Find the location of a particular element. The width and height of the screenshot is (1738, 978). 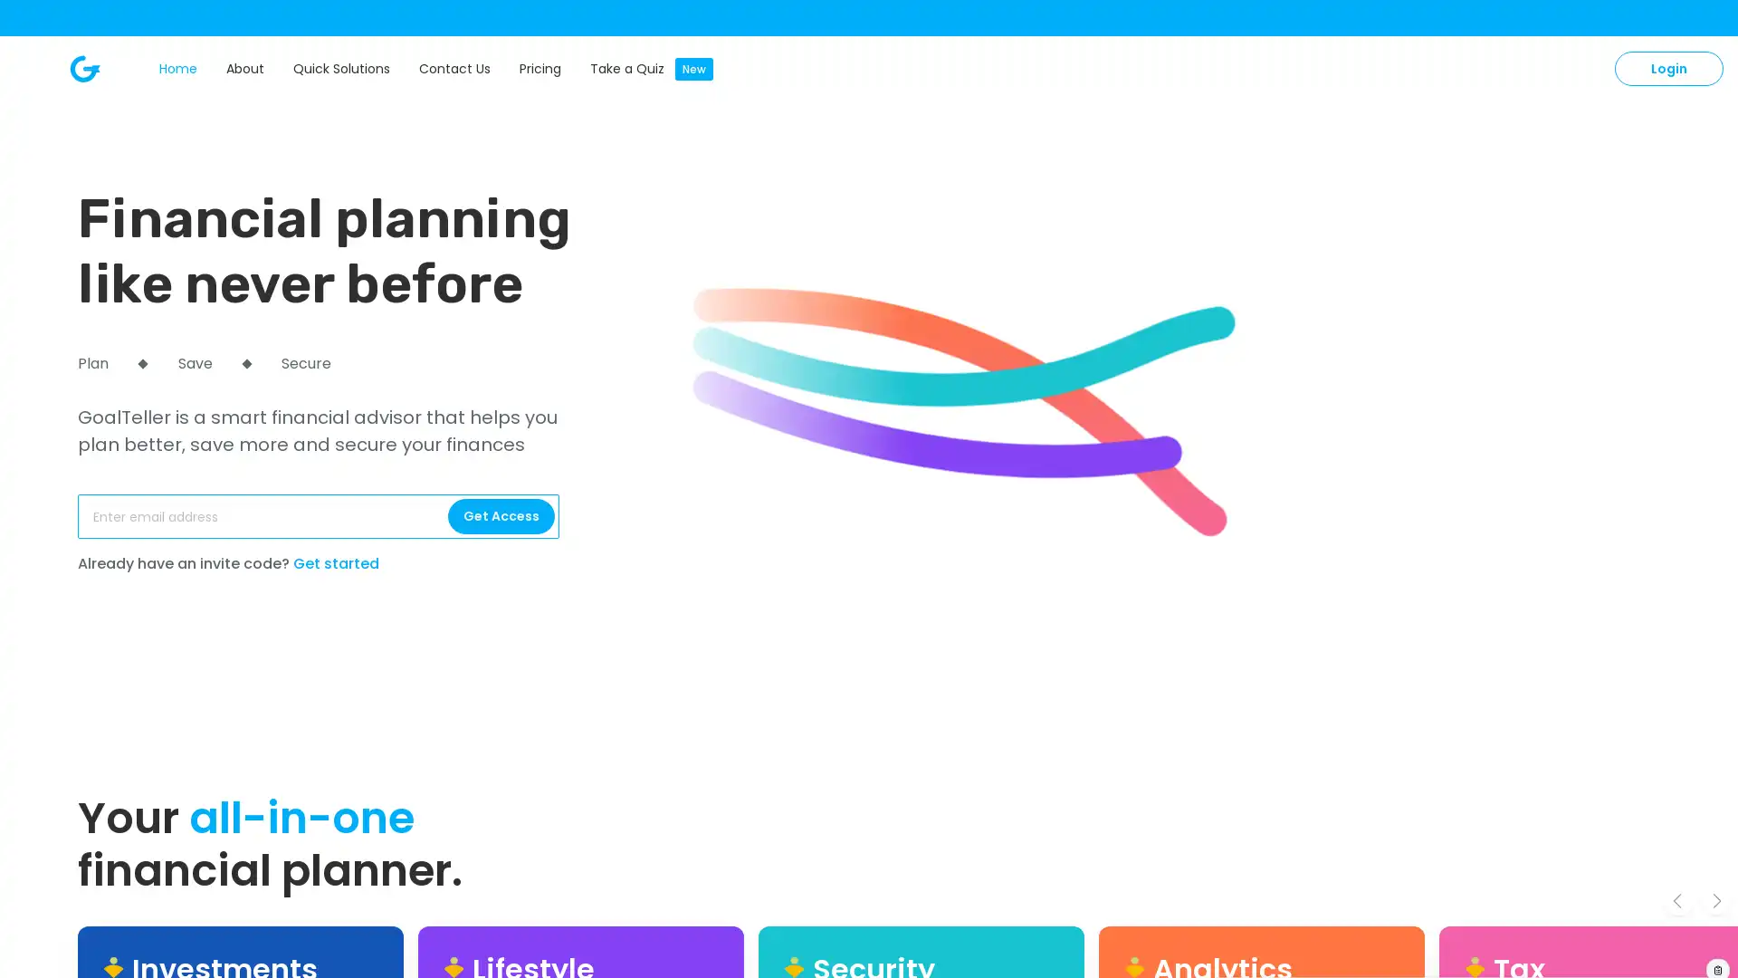

Previous slide is located at coordinates (1676, 900).